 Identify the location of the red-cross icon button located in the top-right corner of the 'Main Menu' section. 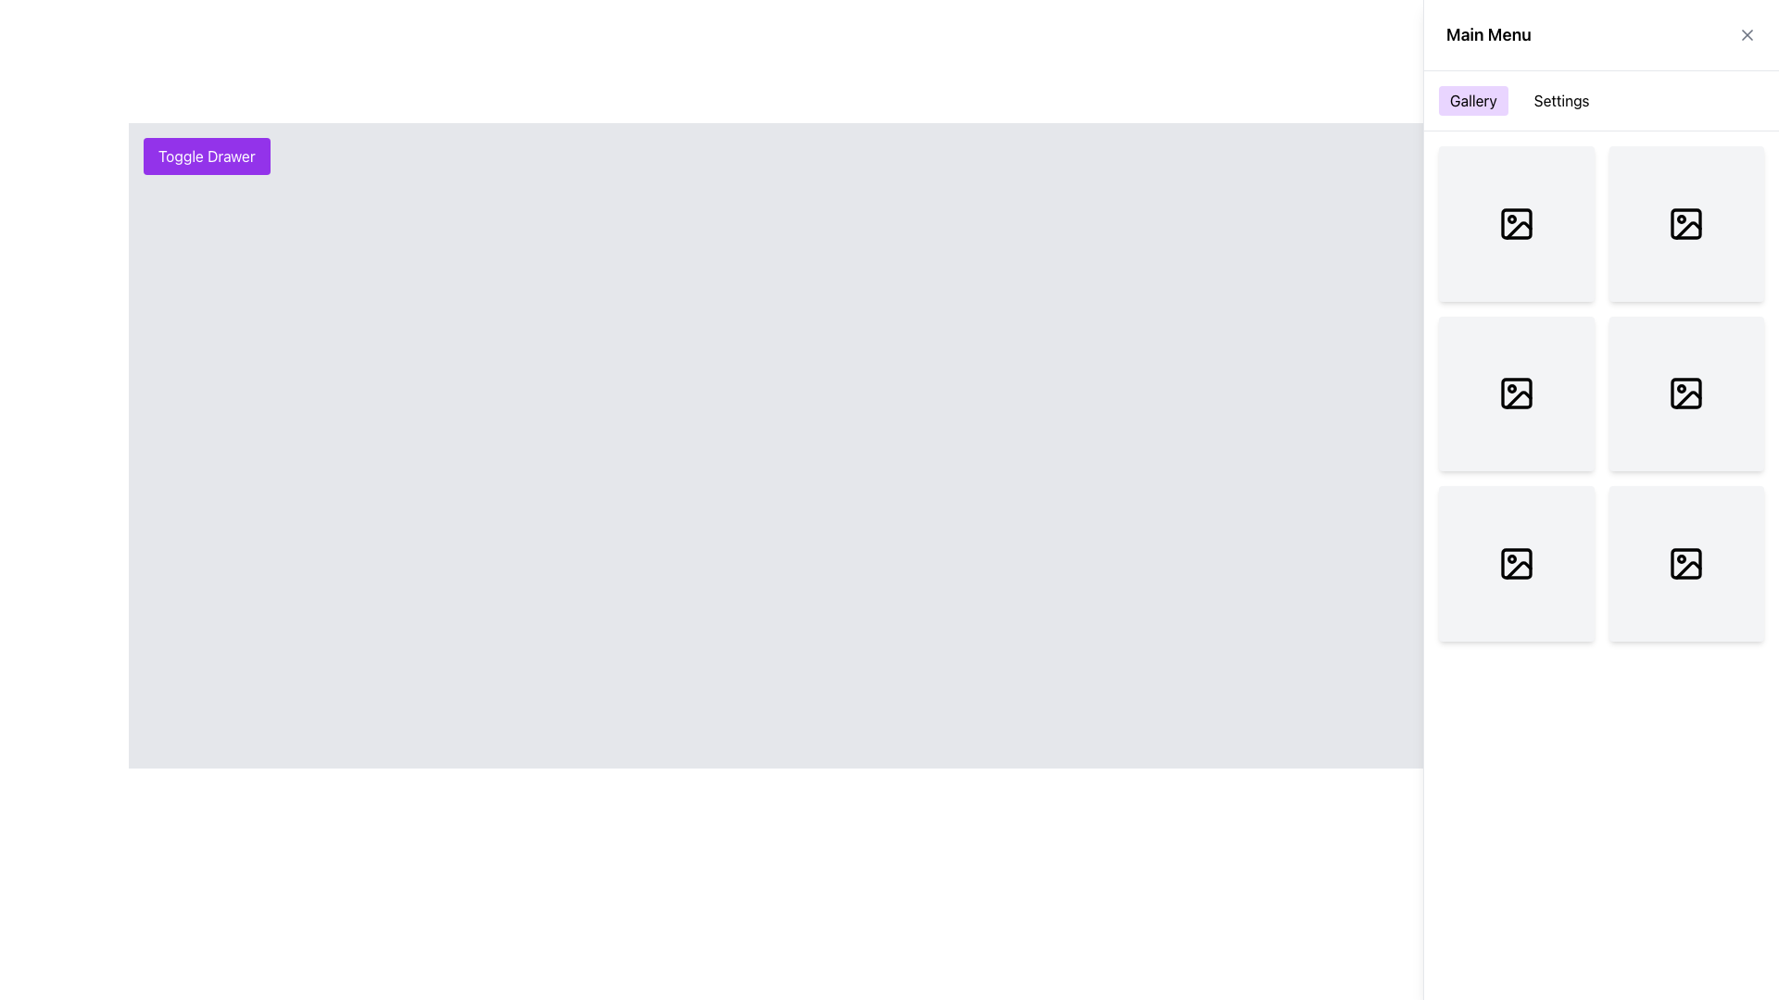
(1747, 35).